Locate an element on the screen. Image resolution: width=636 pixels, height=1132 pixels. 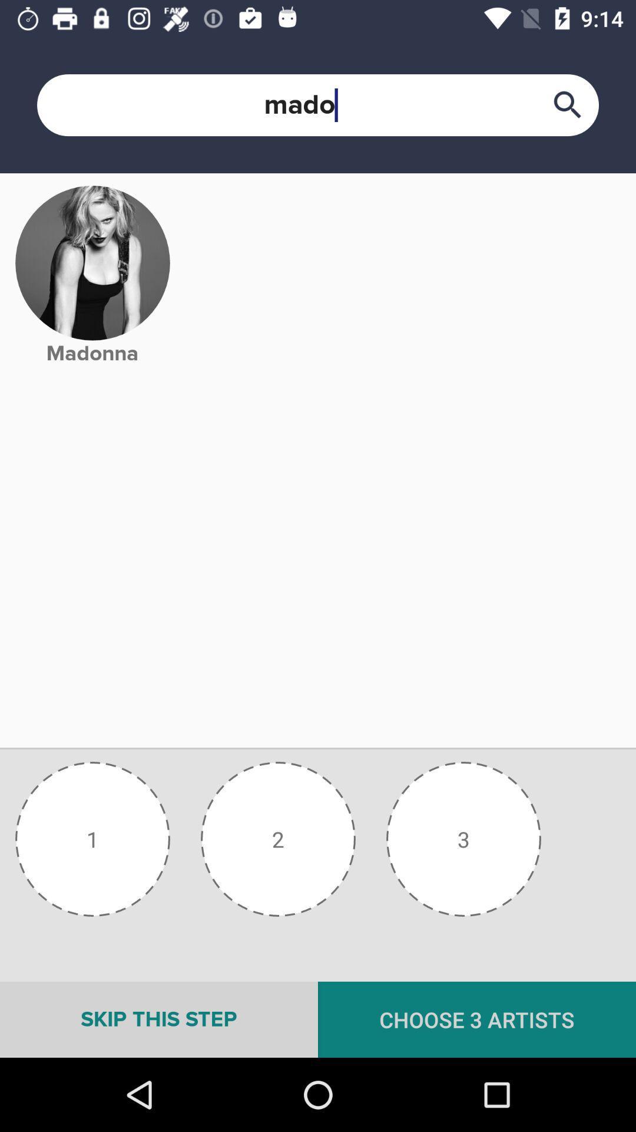
the text box which is above the image is located at coordinates (318, 105).